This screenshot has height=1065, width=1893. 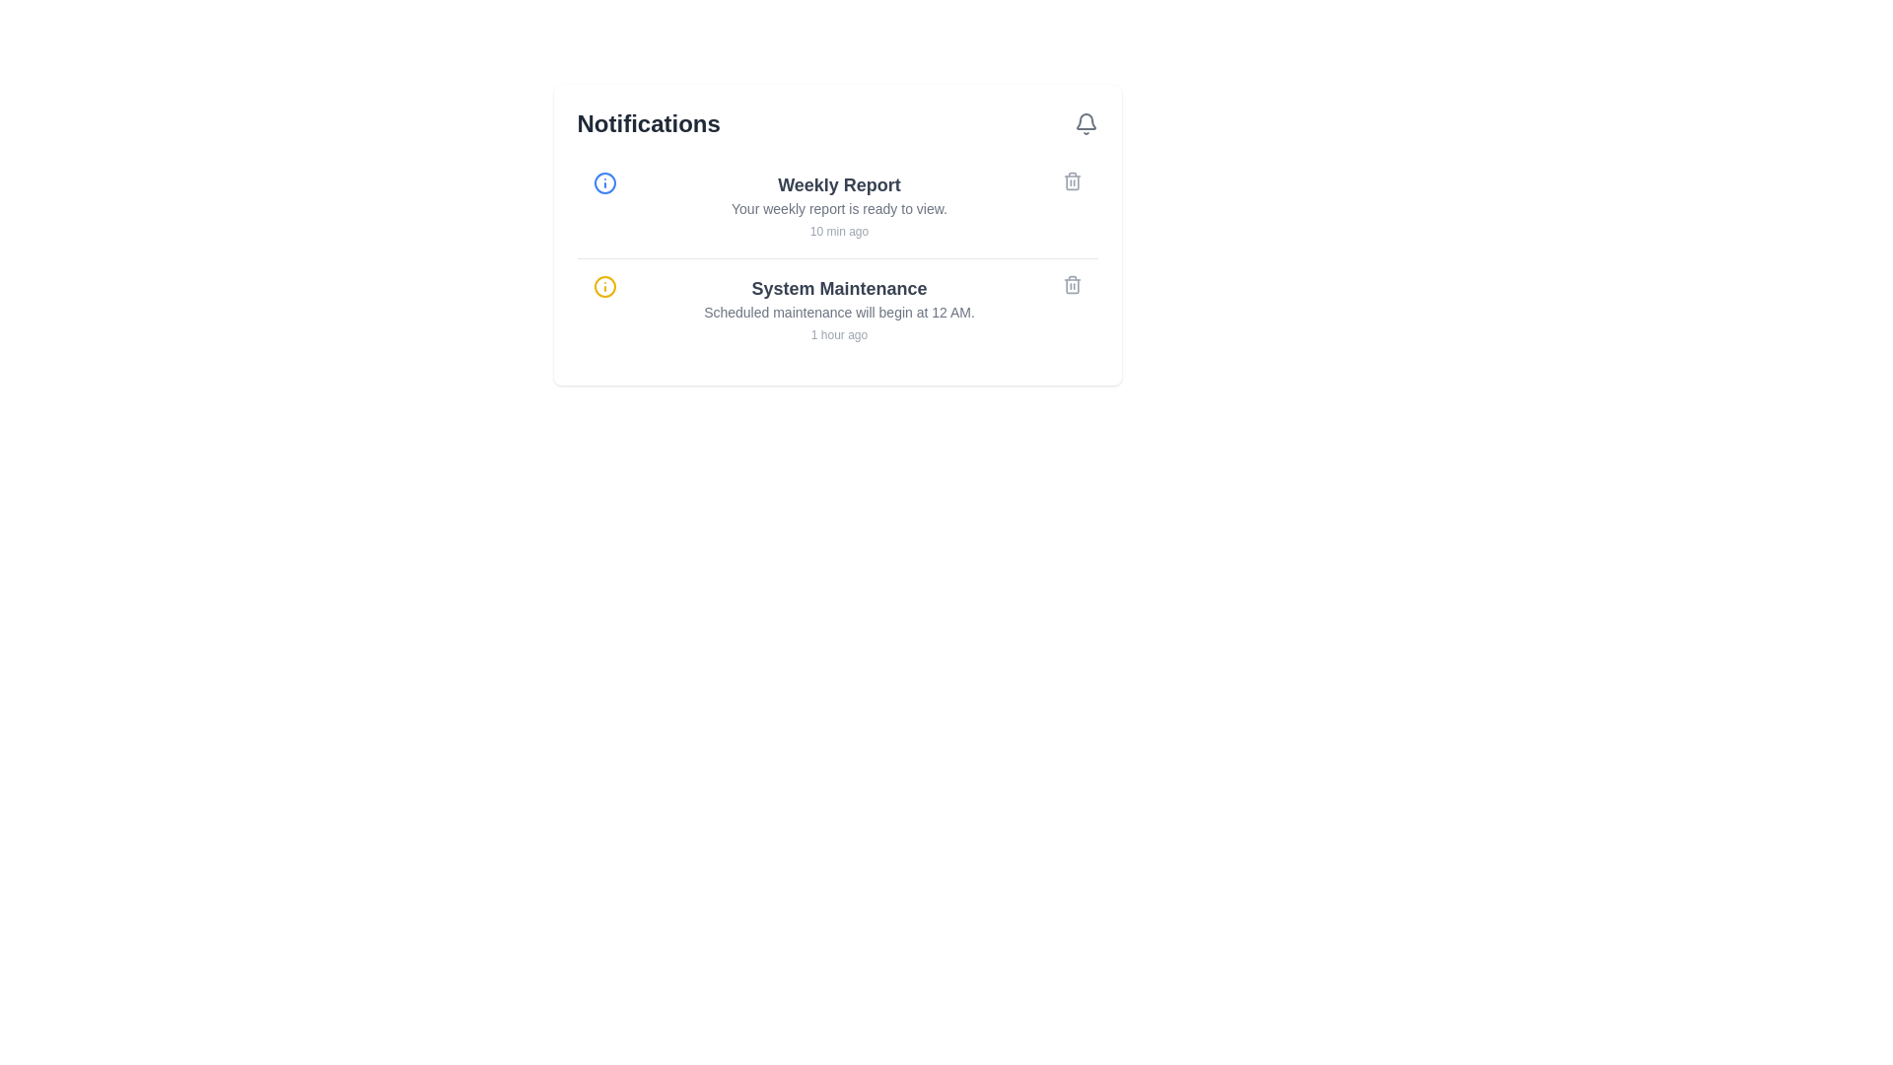 I want to click on the text label that reads 'Scheduled maintenance will begin at 12 AM.' which is displayed in gray below the title 'System Maintenance.', so click(x=839, y=311).